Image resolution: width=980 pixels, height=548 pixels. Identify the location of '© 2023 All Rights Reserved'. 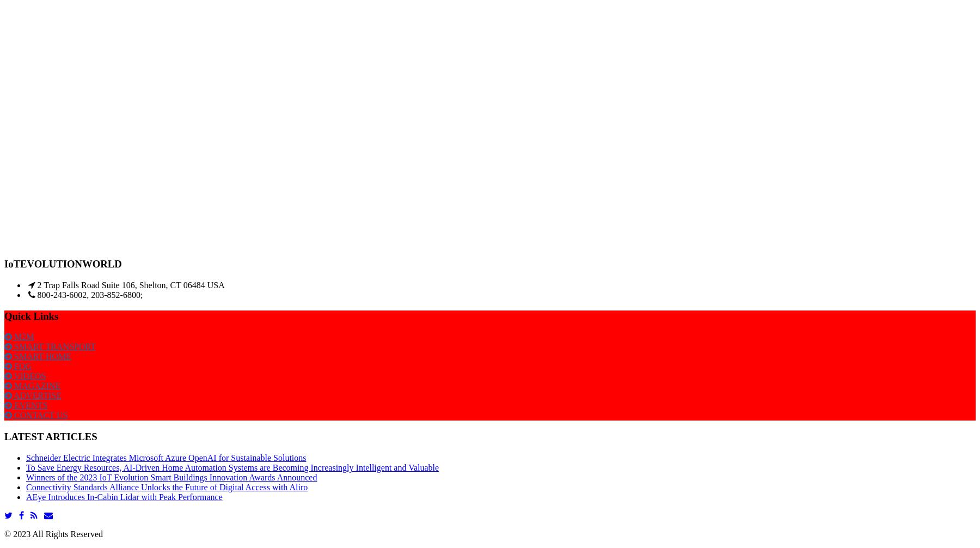
(53, 533).